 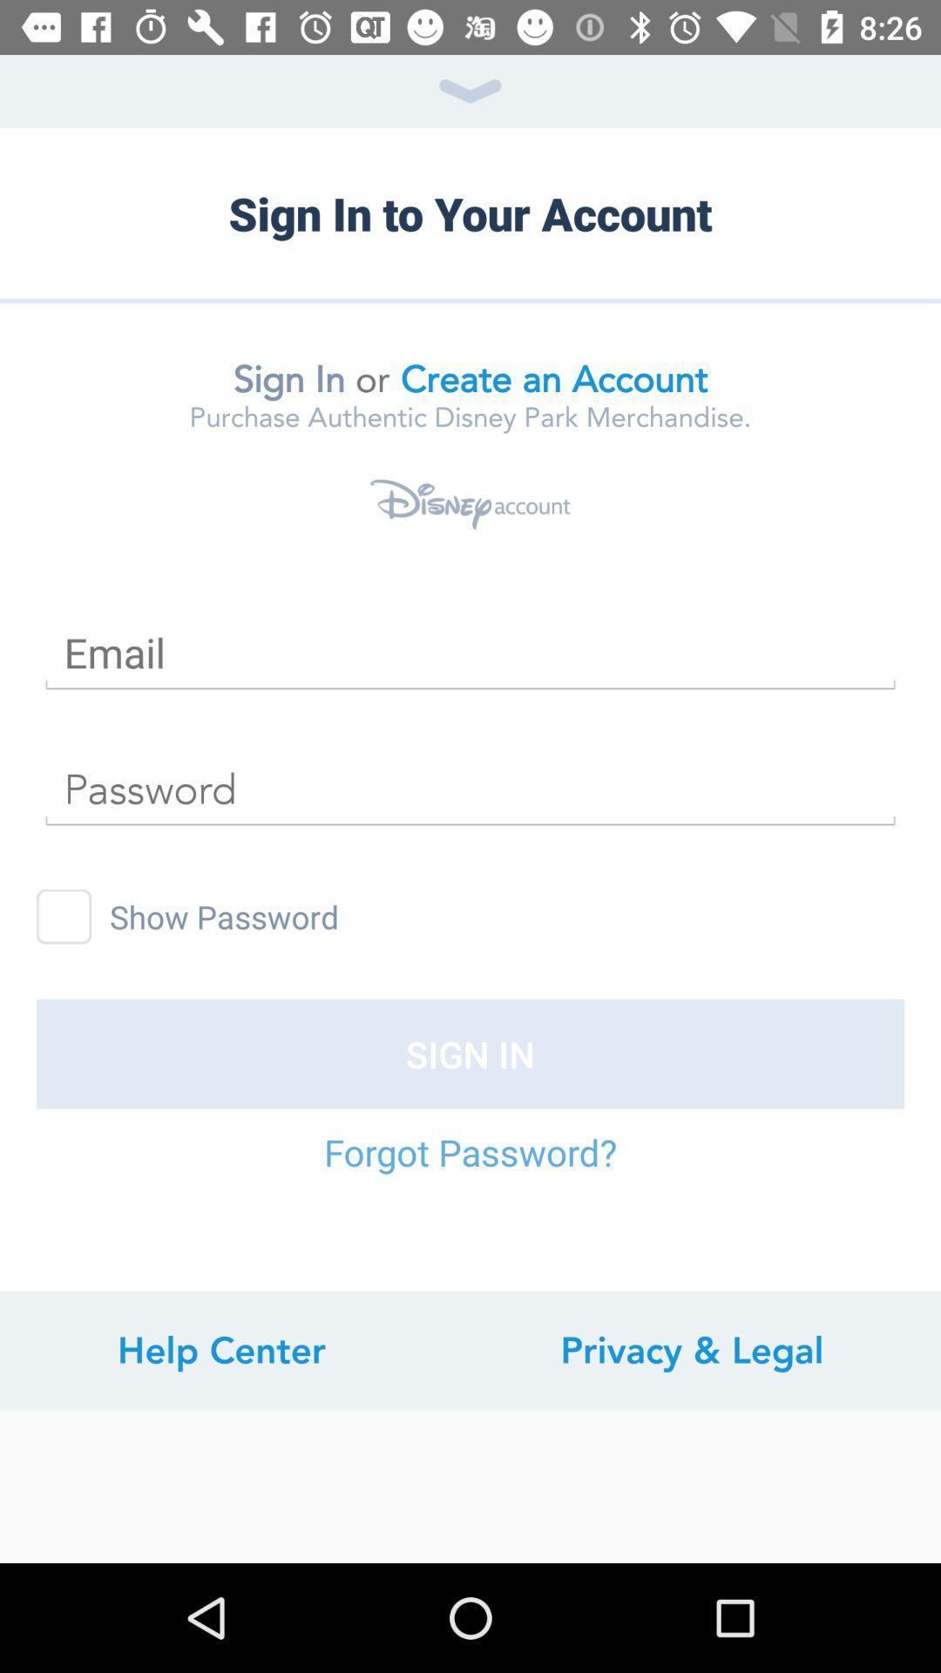 What do you see at coordinates (63, 916) in the screenshot?
I see `show password` at bounding box center [63, 916].